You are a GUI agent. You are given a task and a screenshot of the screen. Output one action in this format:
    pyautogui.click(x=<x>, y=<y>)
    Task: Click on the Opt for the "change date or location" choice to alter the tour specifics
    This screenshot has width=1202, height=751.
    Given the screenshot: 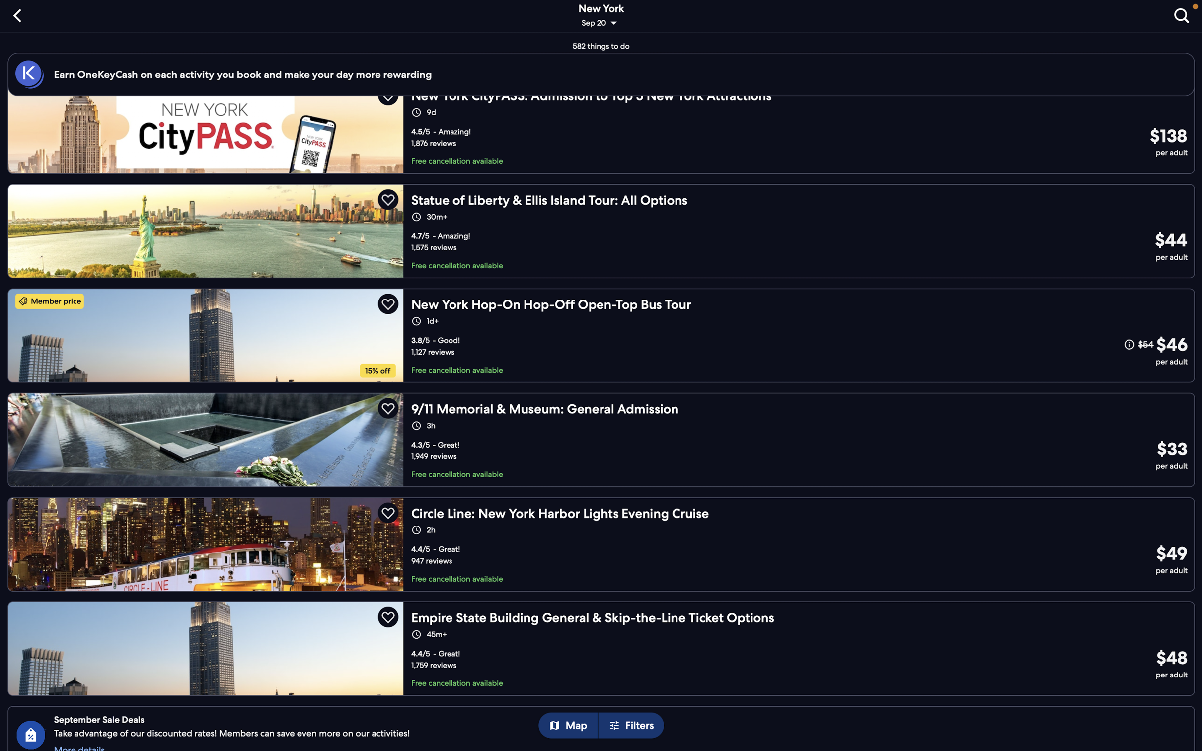 What is the action you would take?
    pyautogui.click(x=602, y=17)
    